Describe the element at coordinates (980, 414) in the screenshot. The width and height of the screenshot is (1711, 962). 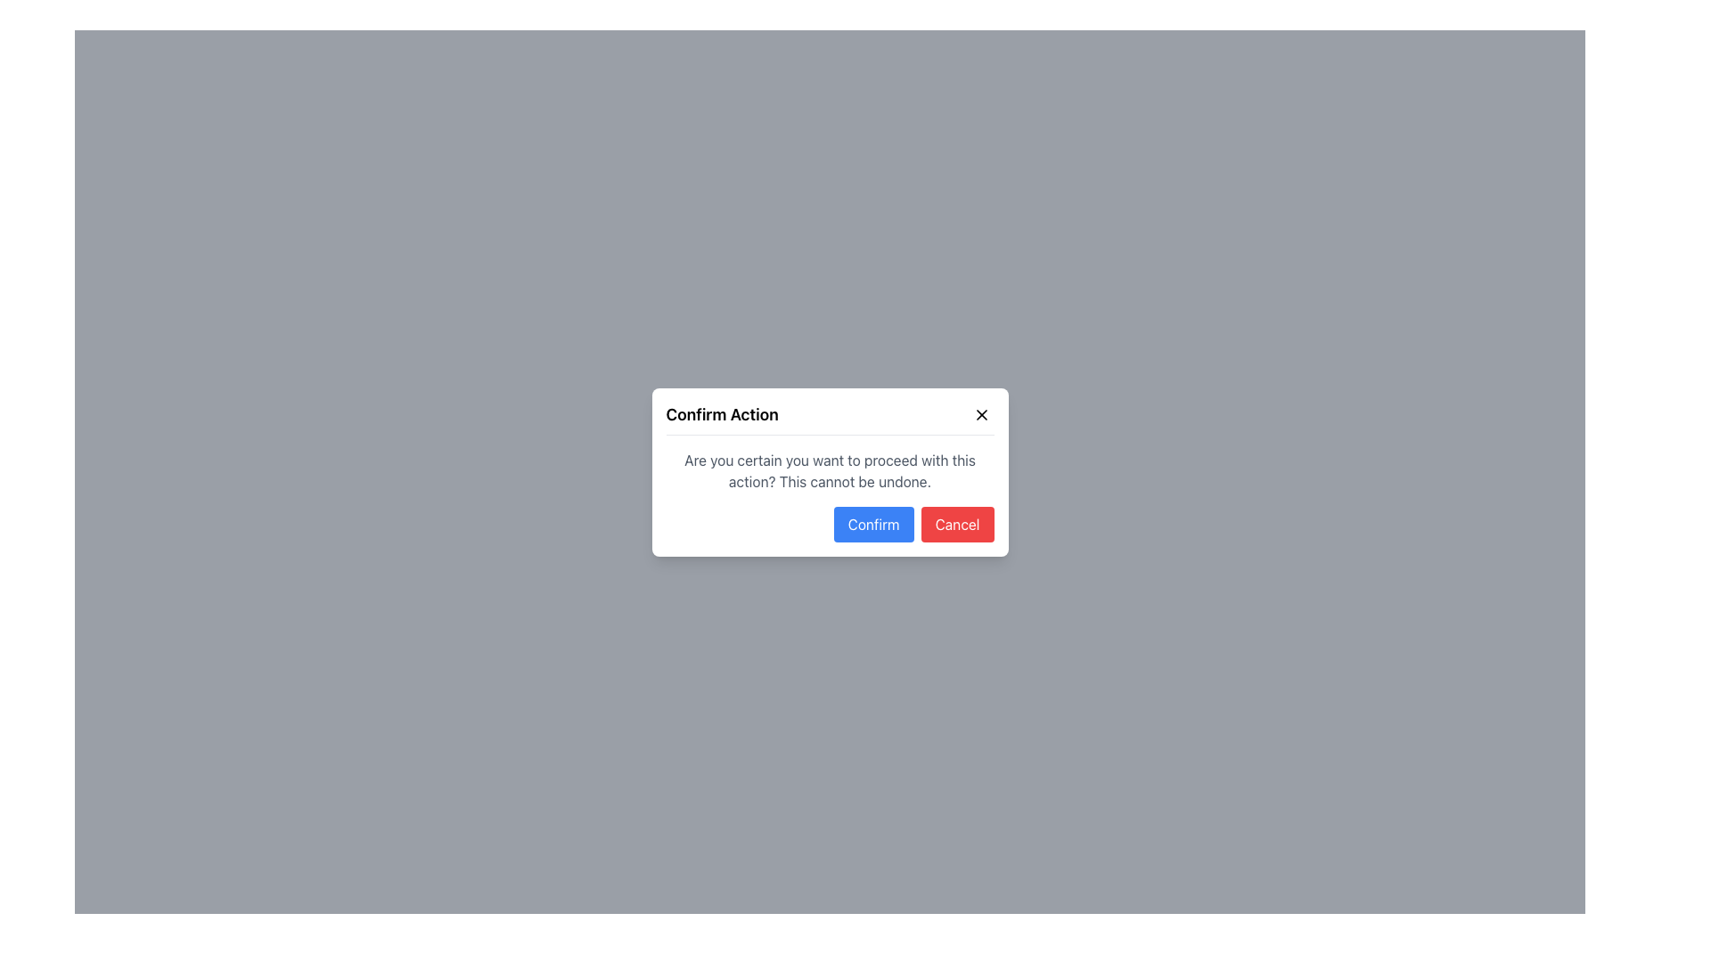
I see `the close icon located in the top-right corner of the modal dialog` at that location.